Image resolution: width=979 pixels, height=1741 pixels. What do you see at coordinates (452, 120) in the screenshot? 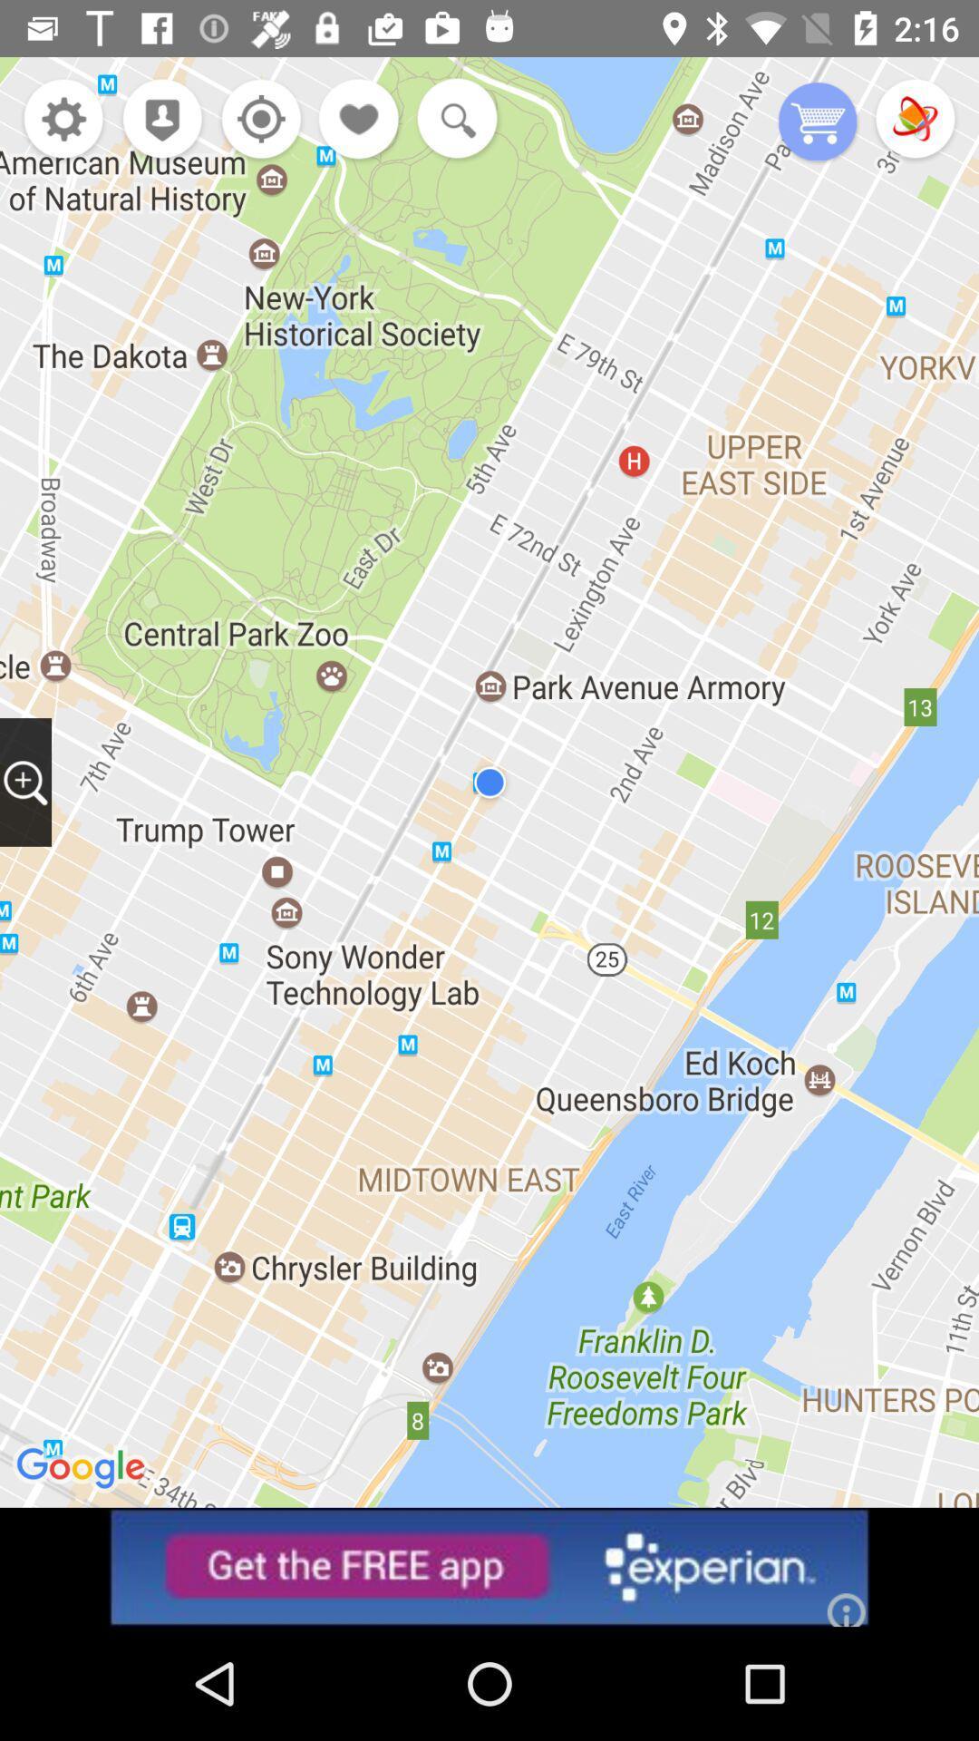
I see `search` at bounding box center [452, 120].